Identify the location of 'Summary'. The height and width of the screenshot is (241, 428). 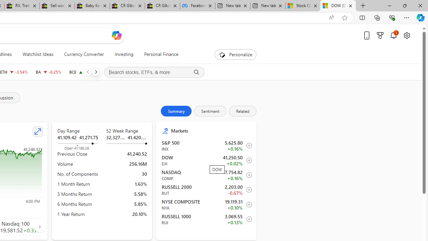
(176, 110).